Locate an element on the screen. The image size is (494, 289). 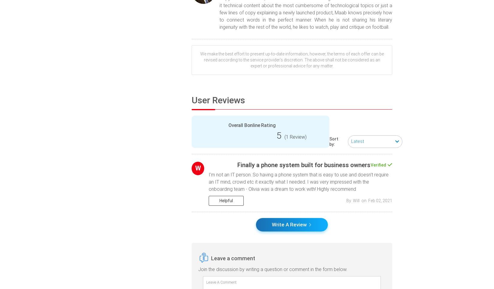
'I'm not an IT person. So having a phone system that is easy to use and doesn't require an IT mind, crowd etc it exactly what I needed. I was very impressed with the onboarding team - Olivia was a dream to work with! Highly recommend' is located at coordinates (298, 181).